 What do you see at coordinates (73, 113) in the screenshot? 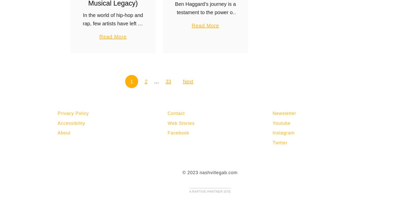
I see `'Privacy Policy'` at bounding box center [73, 113].